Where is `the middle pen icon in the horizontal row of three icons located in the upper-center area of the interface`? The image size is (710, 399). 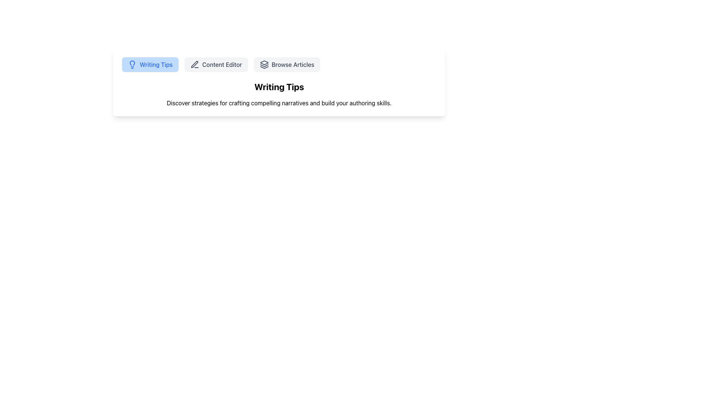
the middle pen icon in the horizontal row of three icons located in the upper-center area of the interface is located at coordinates (195, 64).